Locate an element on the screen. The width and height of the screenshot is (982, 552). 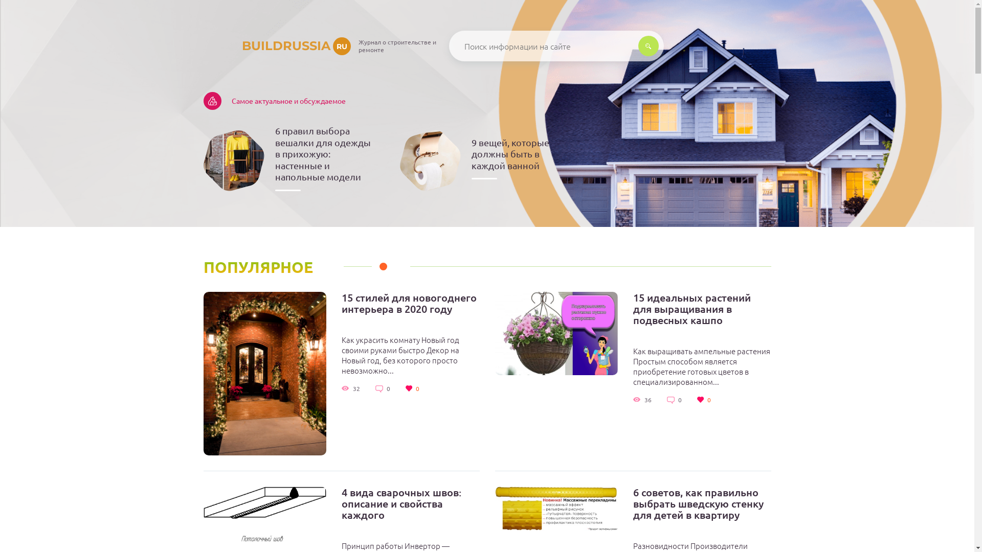
'BUILDRUSSIA is located at coordinates (277, 45).